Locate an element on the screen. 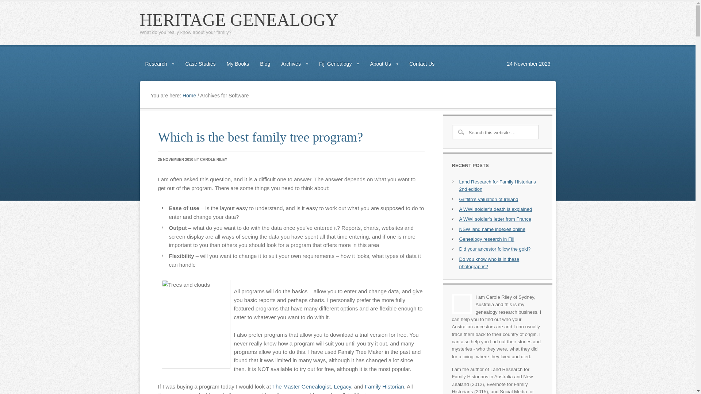  'NSW land name indexes online' is located at coordinates (492, 229).